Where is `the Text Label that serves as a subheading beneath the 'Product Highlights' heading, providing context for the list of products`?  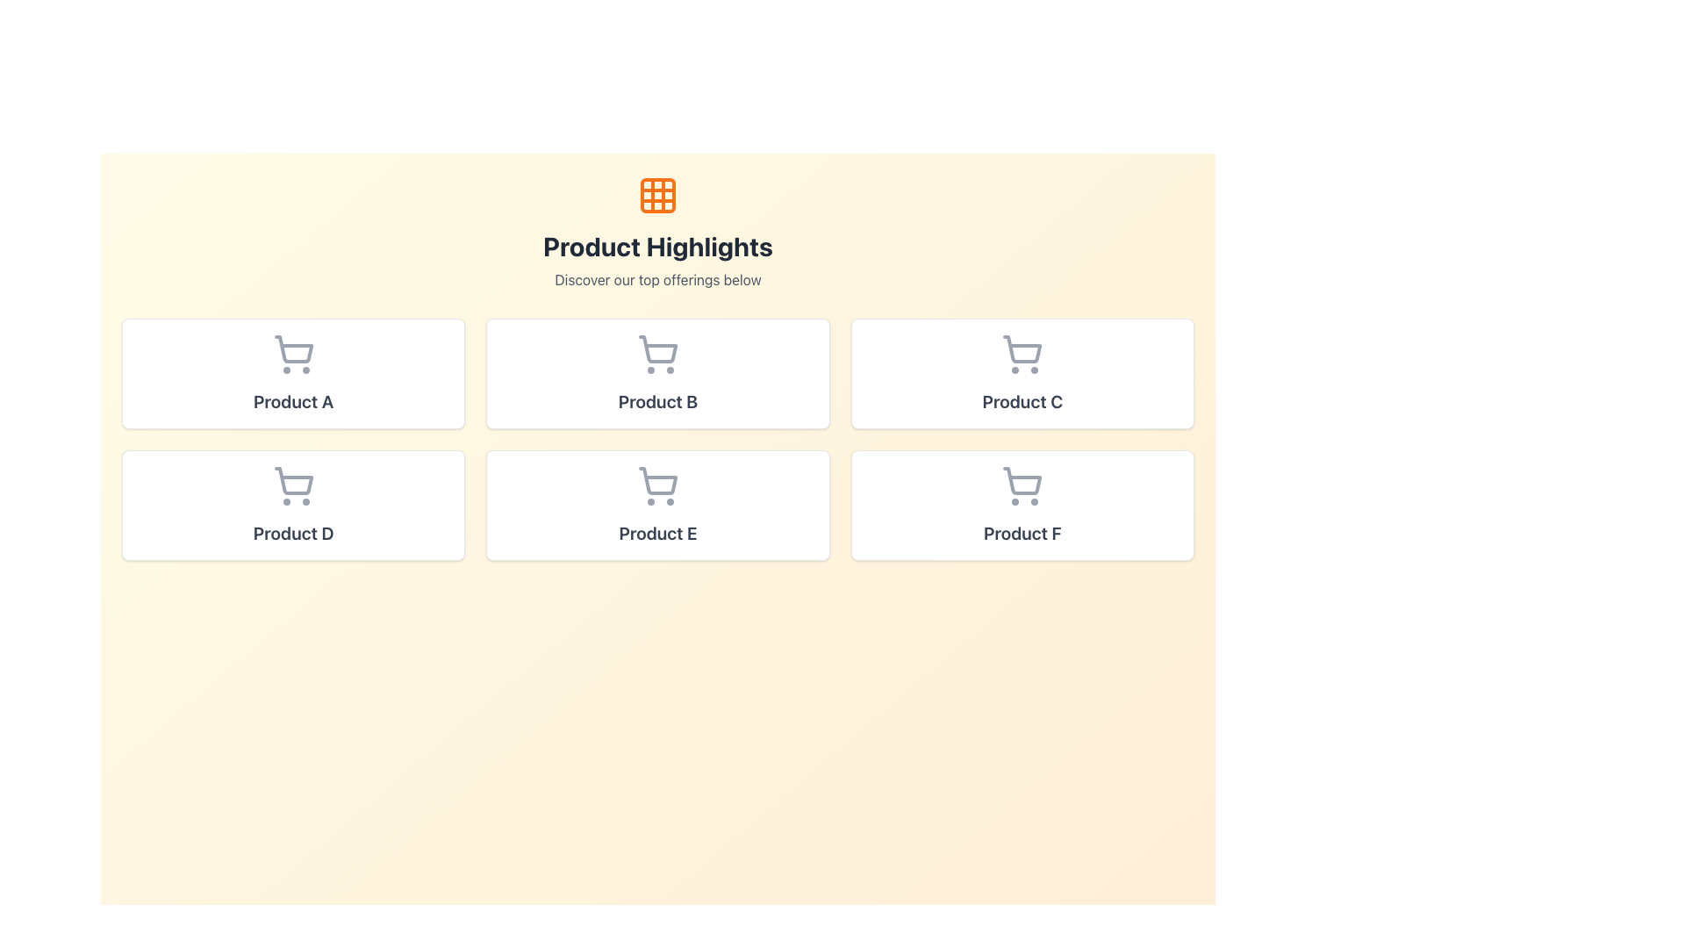
the Text Label that serves as a subheading beneath the 'Product Highlights' heading, providing context for the list of products is located at coordinates (656, 279).